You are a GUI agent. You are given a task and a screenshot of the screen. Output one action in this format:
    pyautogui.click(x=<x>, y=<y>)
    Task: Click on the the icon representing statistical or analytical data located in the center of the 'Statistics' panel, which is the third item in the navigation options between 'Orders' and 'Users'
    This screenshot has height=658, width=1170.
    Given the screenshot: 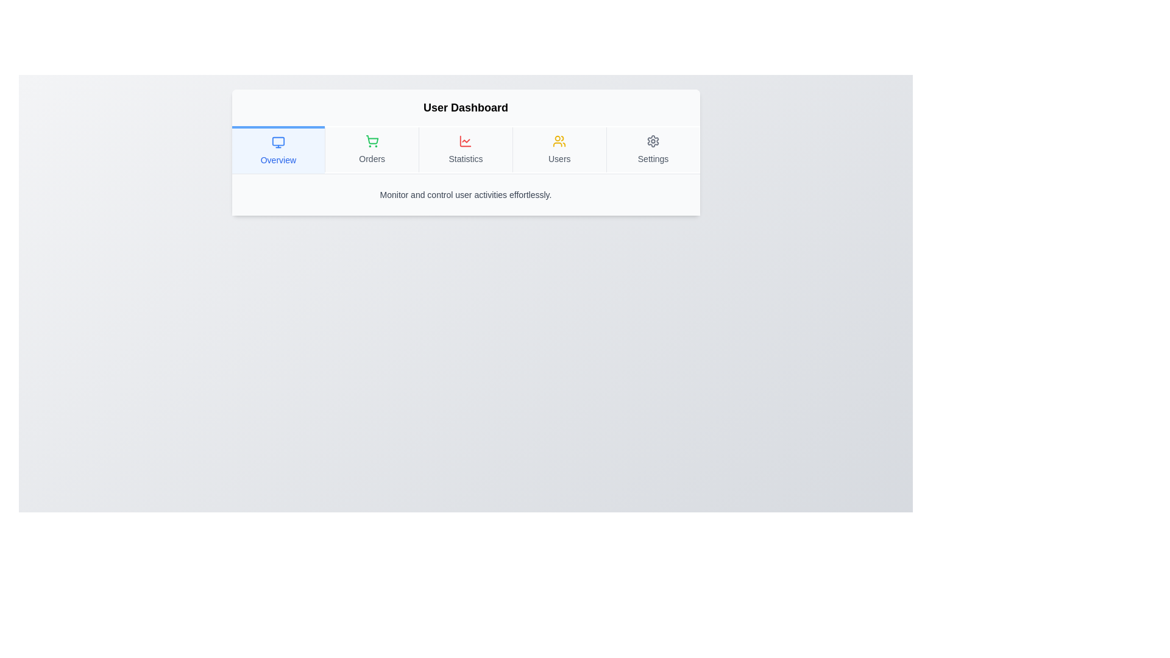 What is the action you would take?
    pyautogui.click(x=465, y=140)
    